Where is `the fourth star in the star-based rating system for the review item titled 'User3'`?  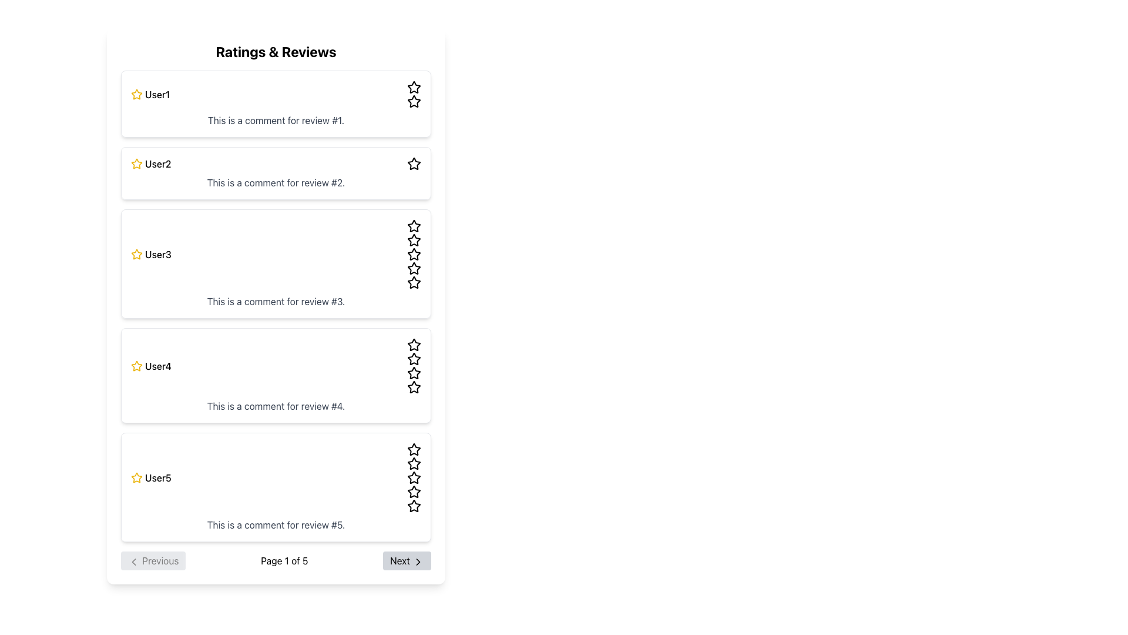
the fourth star in the star-based rating system for the review item titled 'User3' is located at coordinates (414, 253).